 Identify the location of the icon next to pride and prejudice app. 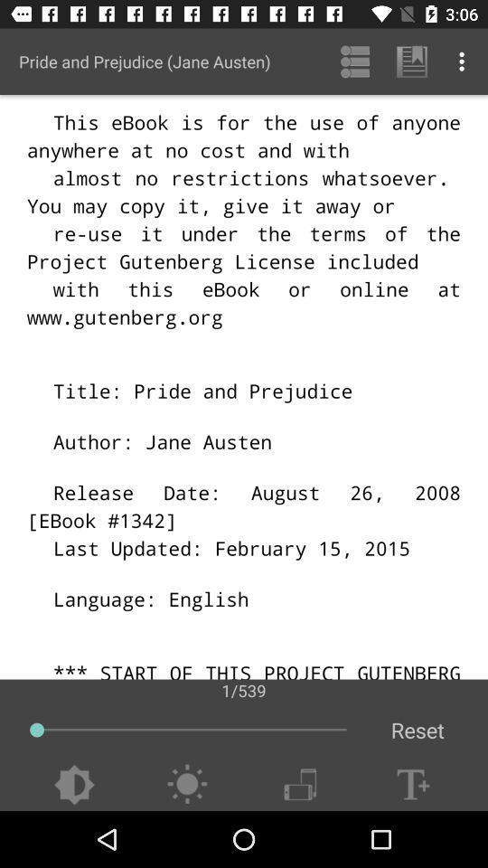
(355, 61).